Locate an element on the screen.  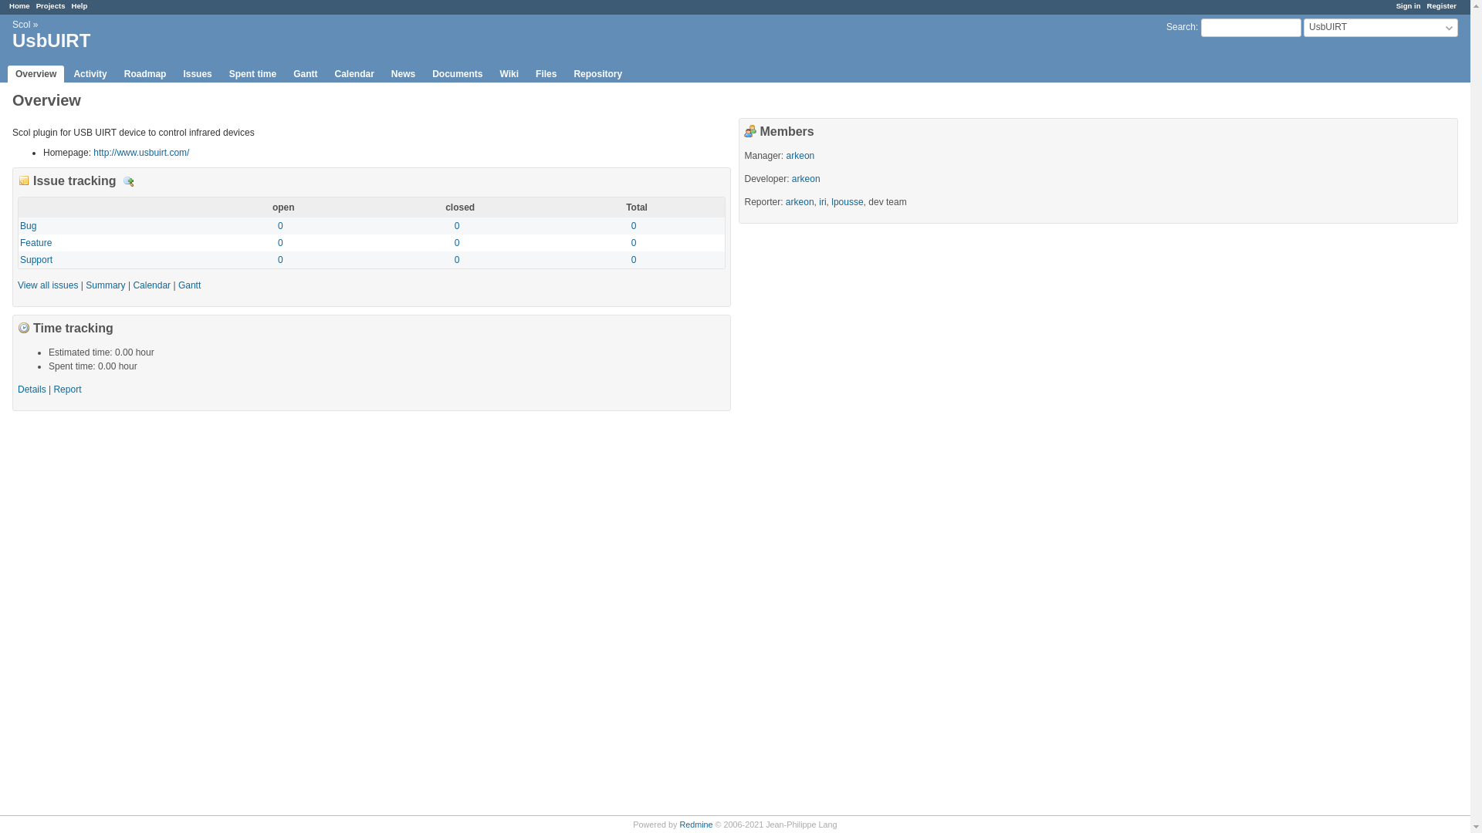
'Projects' is located at coordinates (51, 5).